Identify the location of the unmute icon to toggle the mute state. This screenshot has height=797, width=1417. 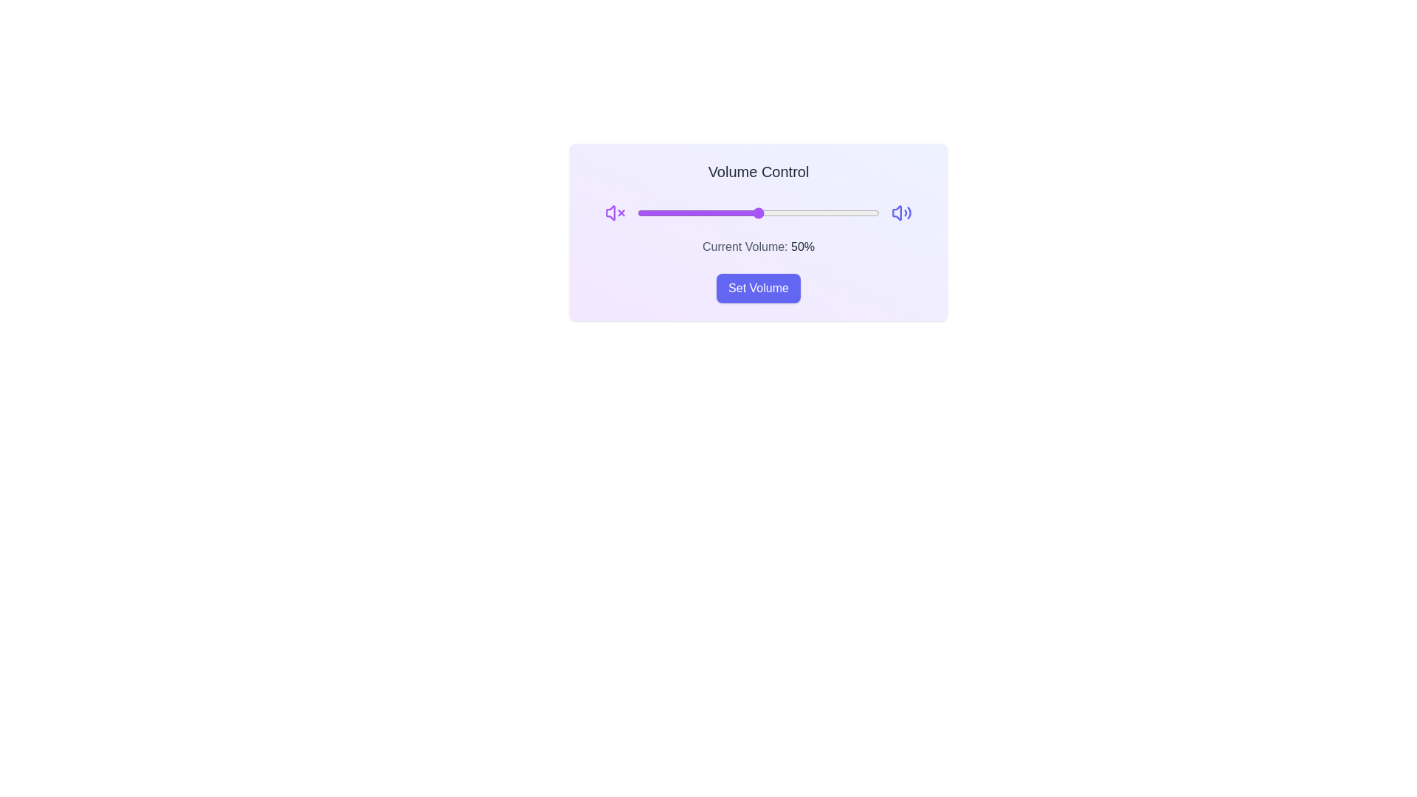
(900, 213).